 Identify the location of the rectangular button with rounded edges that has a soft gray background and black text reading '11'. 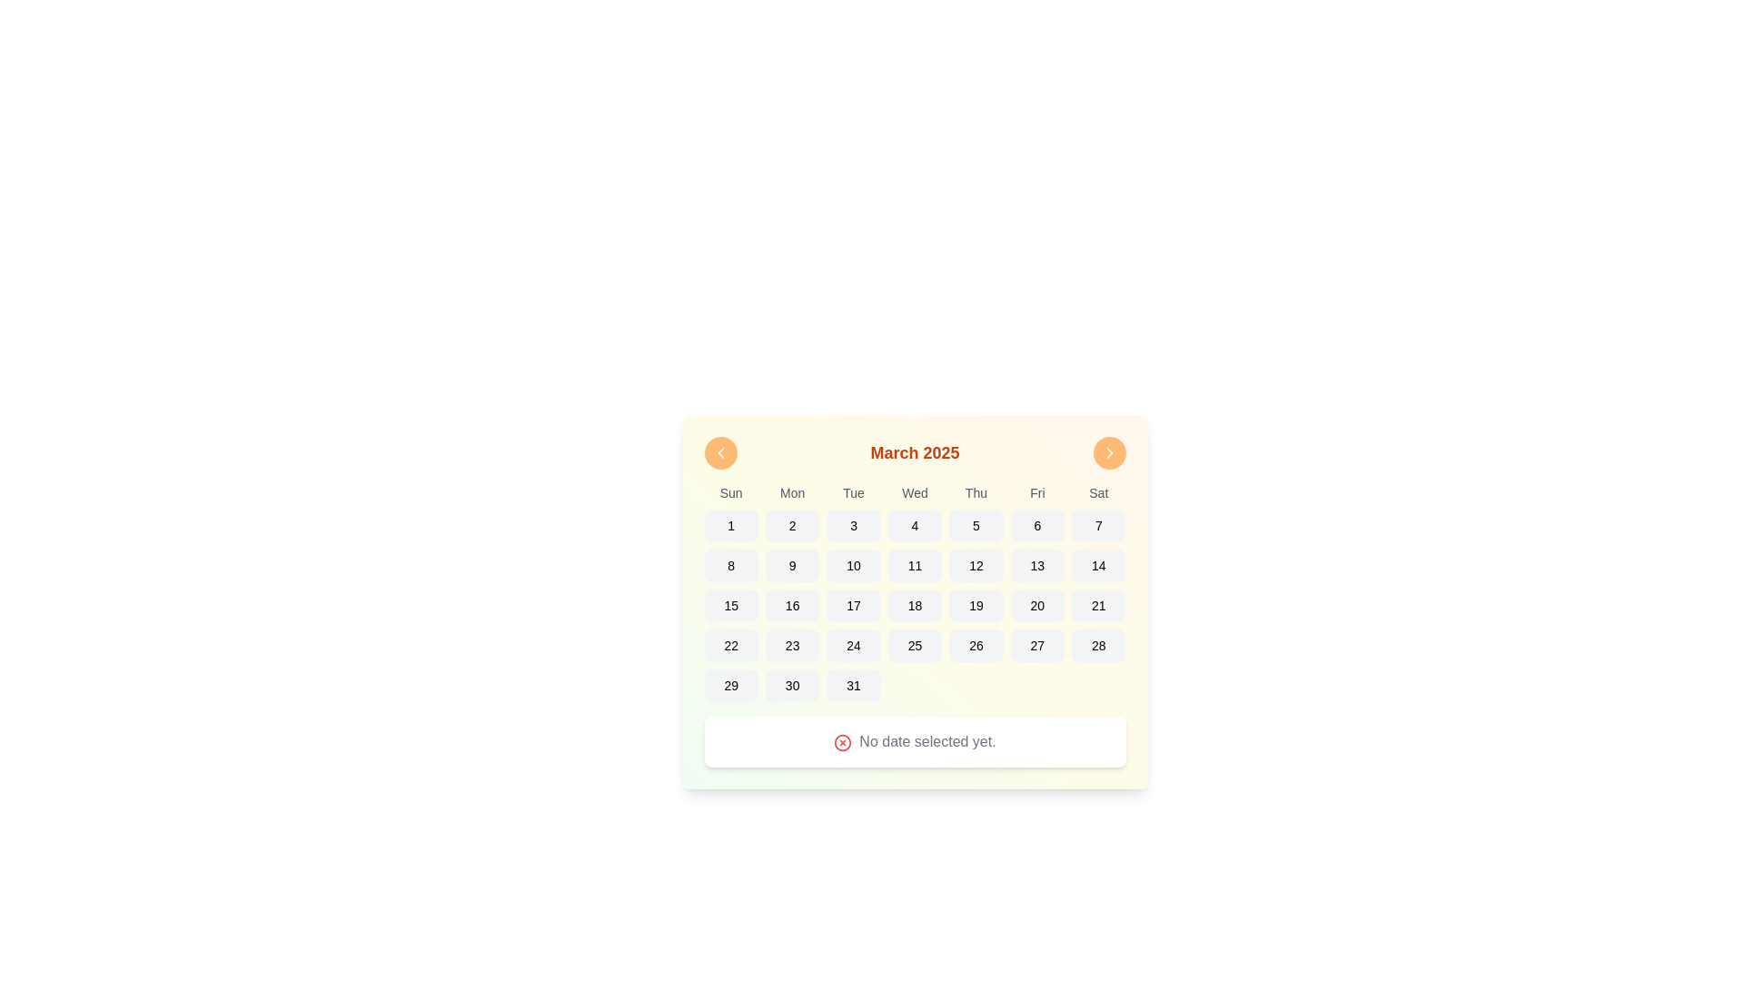
(915, 565).